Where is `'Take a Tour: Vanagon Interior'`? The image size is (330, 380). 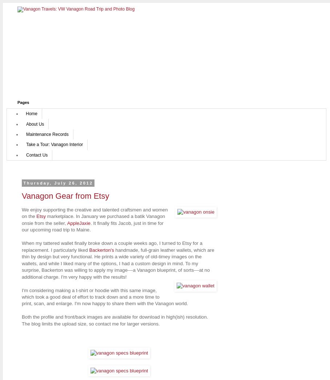 'Take a Tour: Vanagon Interior' is located at coordinates (55, 145).